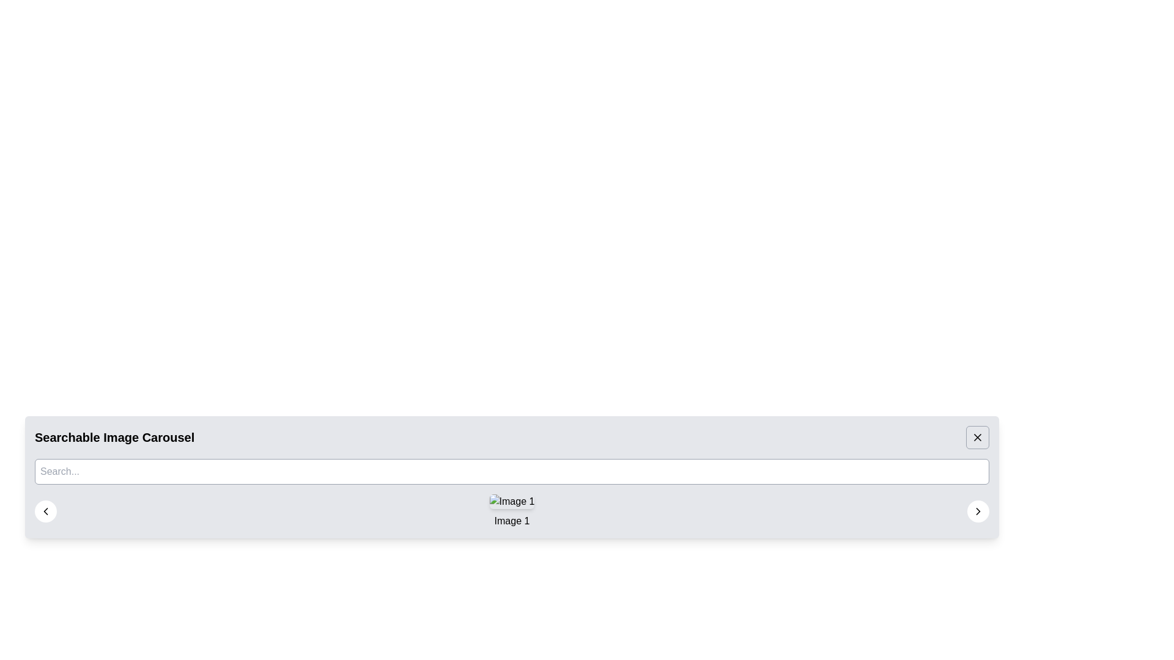  I want to click on the circular button with a white background and a left-facing chevron icon, so click(46, 512).